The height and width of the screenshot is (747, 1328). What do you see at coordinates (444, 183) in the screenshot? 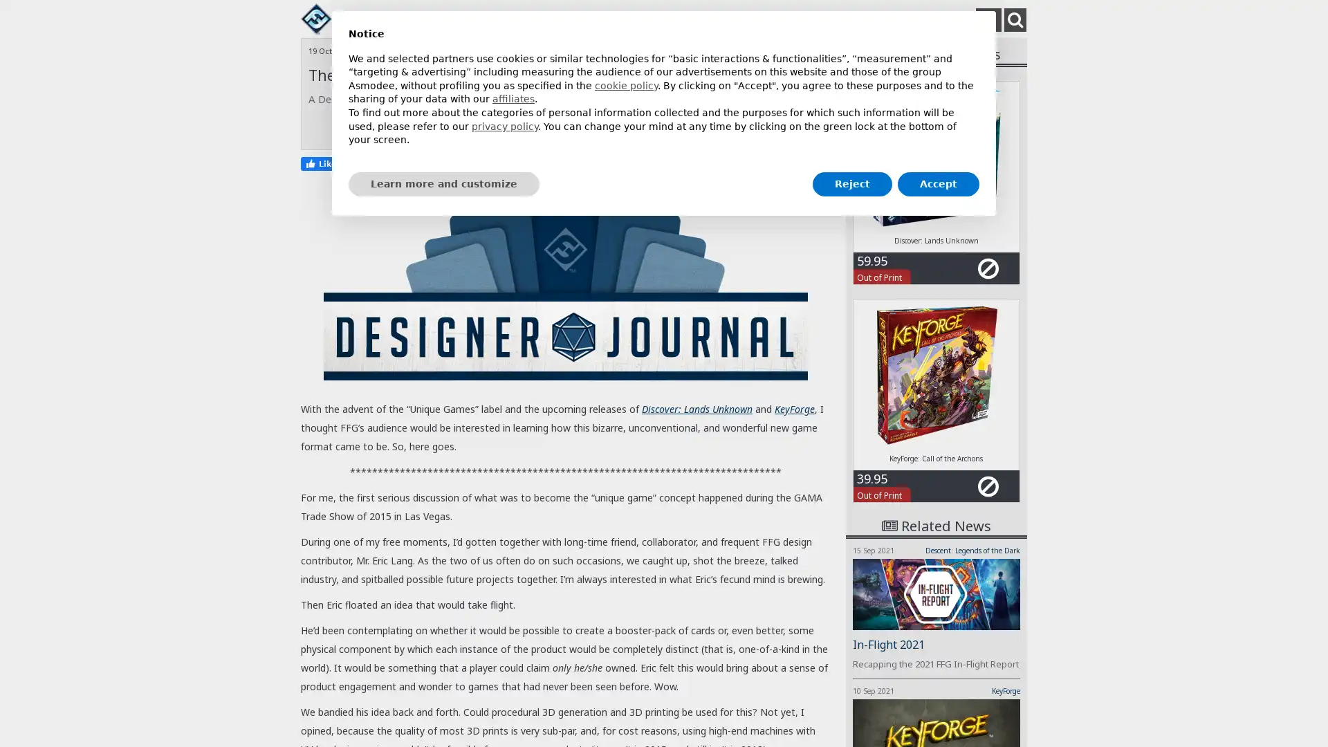
I see `Learn more and customize` at bounding box center [444, 183].